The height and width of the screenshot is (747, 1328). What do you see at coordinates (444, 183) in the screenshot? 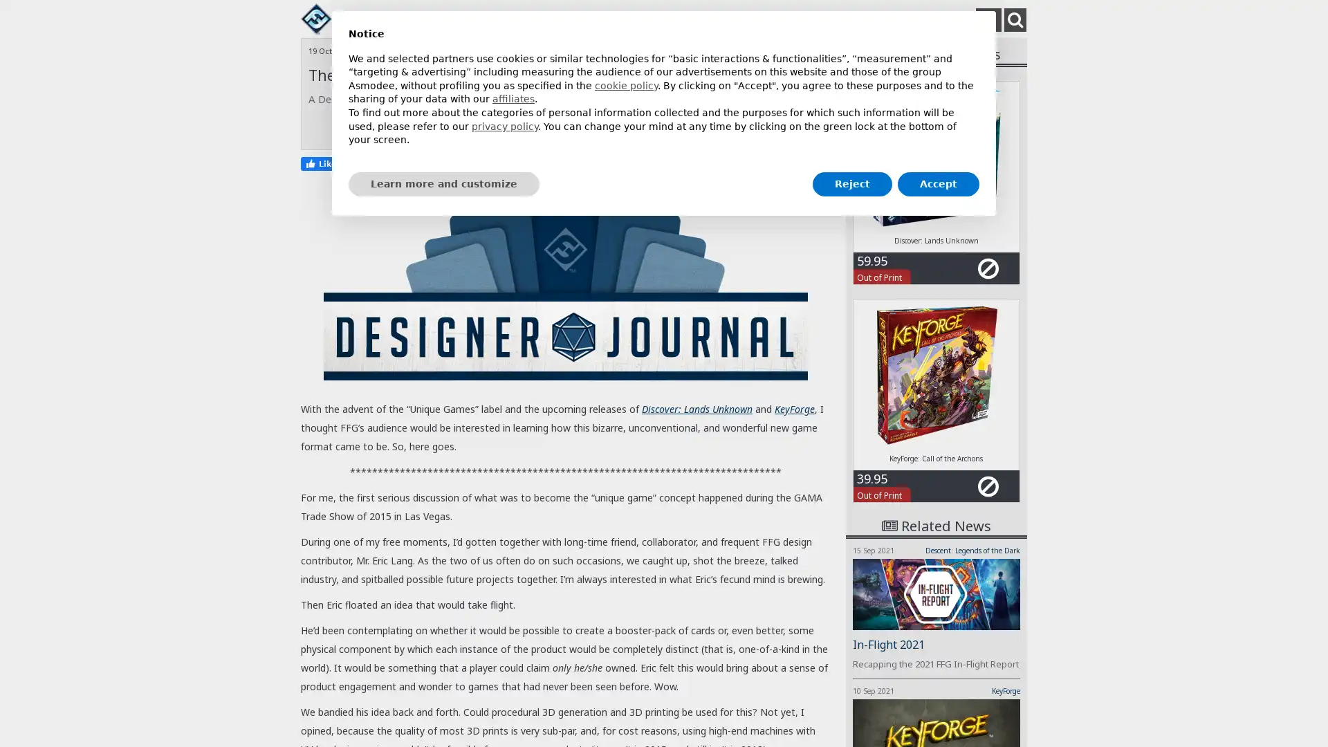
I see `Learn more and customize` at bounding box center [444, 183].